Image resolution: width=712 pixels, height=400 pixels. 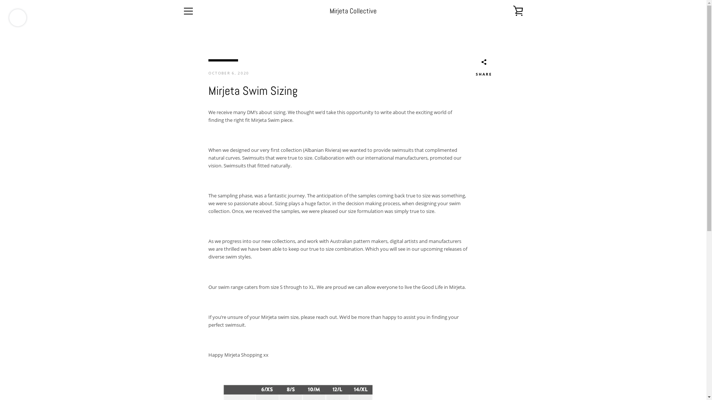 I want to click on 'SHARE', so click(x=475, y=69).